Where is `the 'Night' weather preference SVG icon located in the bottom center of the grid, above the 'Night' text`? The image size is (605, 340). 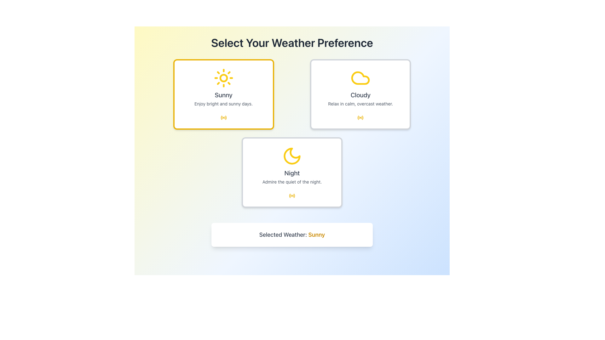
the 'Night' weather preference SVG icon located in the bottom center of the grid, above the 'Night' text is located at coordinates (291, 156).